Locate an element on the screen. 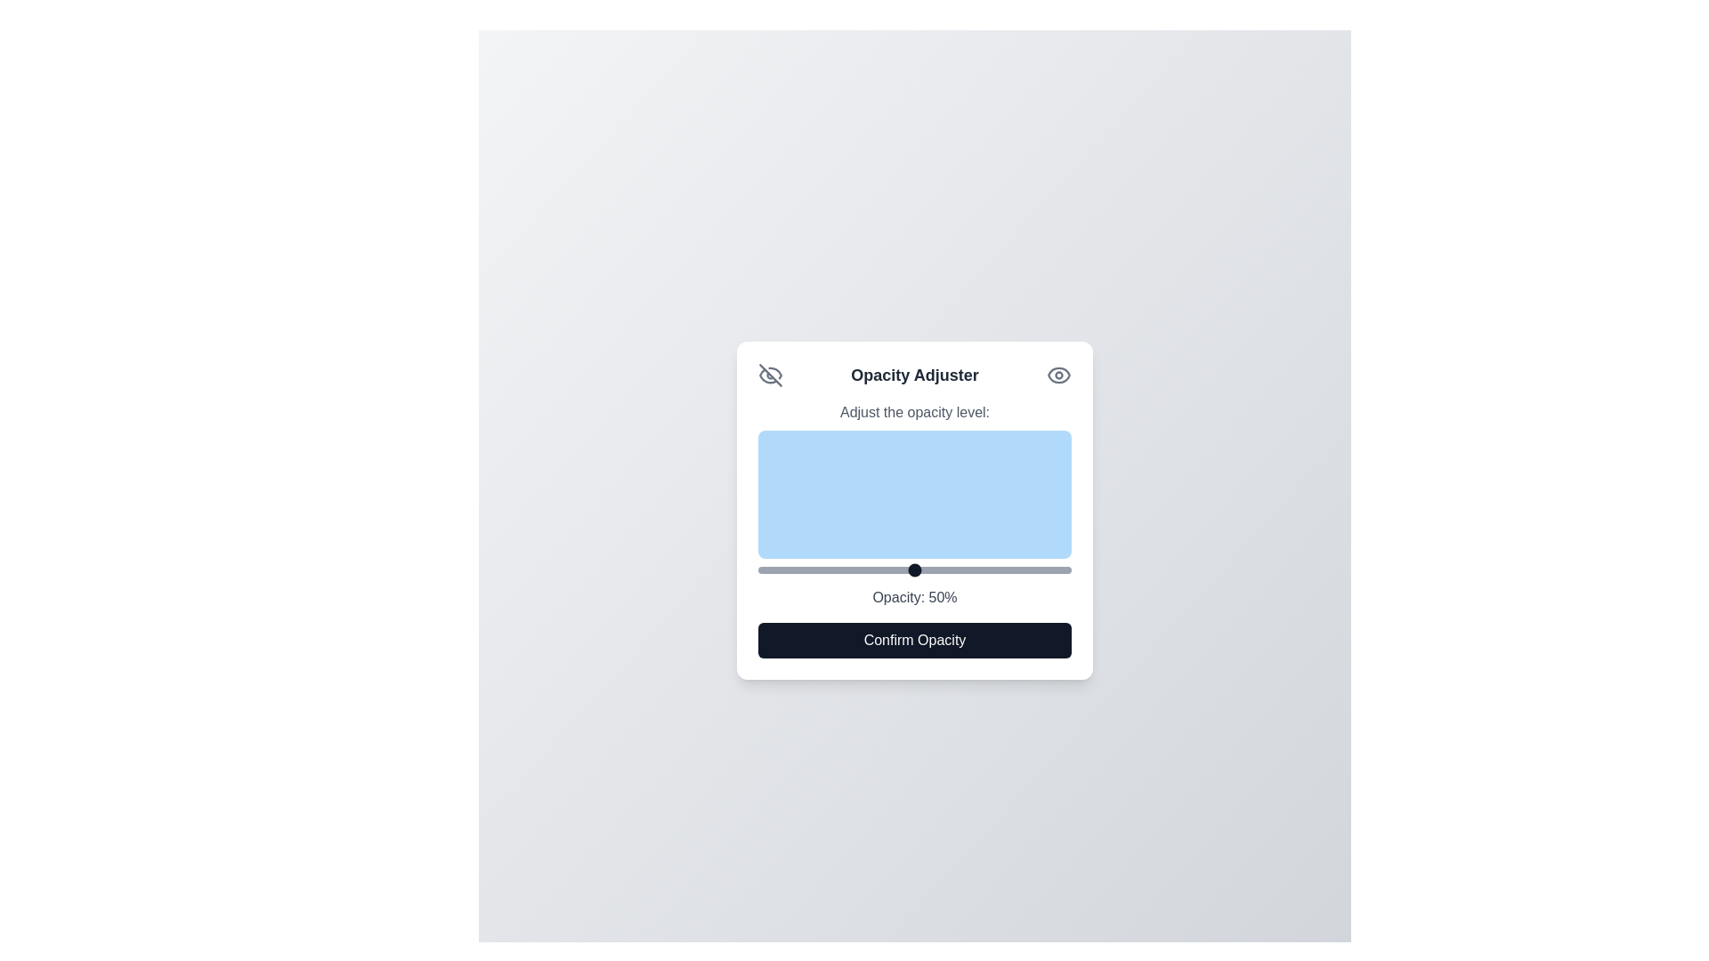  'Confirm Opacity' button to confirm the selected opacity is located at coordinates (914, 641).